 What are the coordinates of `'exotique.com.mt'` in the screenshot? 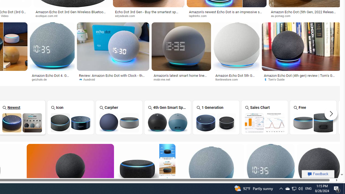 It's located at (48, 15).